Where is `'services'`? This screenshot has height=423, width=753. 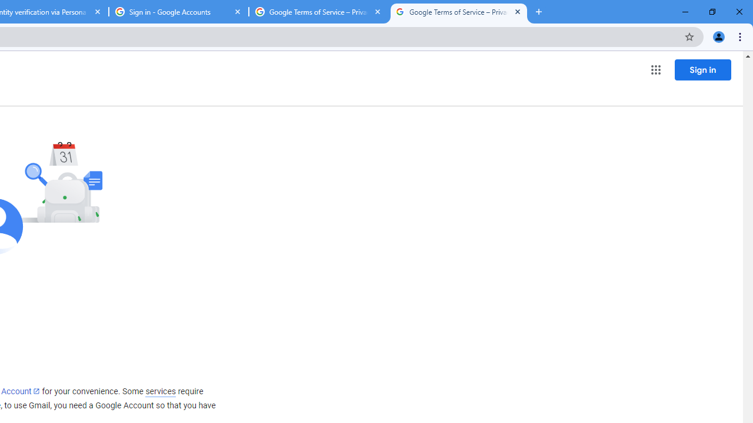 'services' is located at coordinates (160, 391).